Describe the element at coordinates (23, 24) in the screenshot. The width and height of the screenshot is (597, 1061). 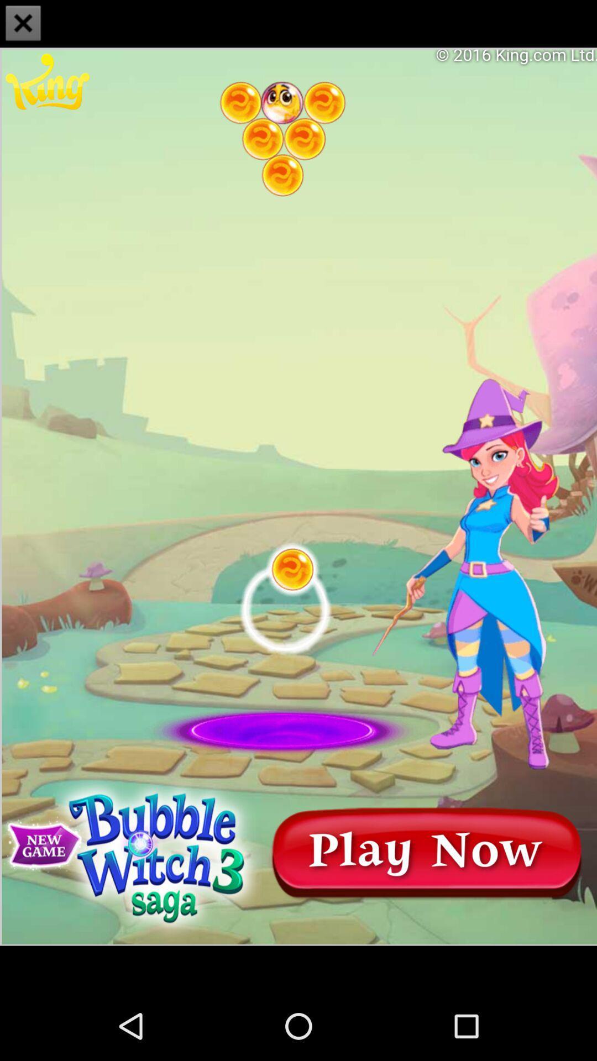
I see `the close icon` at that location.